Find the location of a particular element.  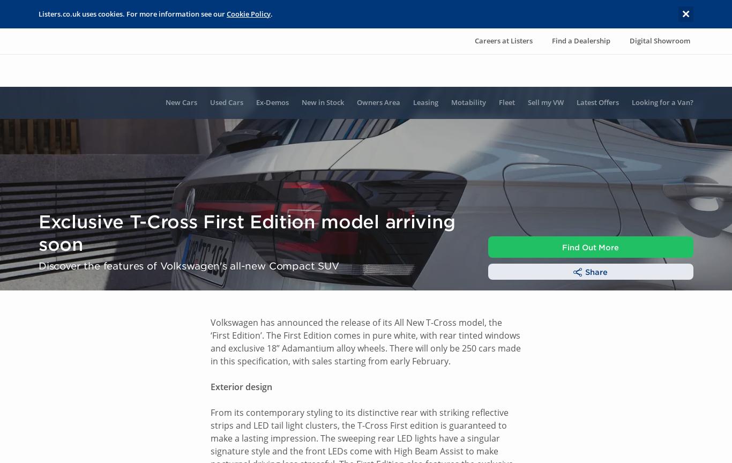

'Listers Volkswagen Coventry' is located at coordinates (92, 372).